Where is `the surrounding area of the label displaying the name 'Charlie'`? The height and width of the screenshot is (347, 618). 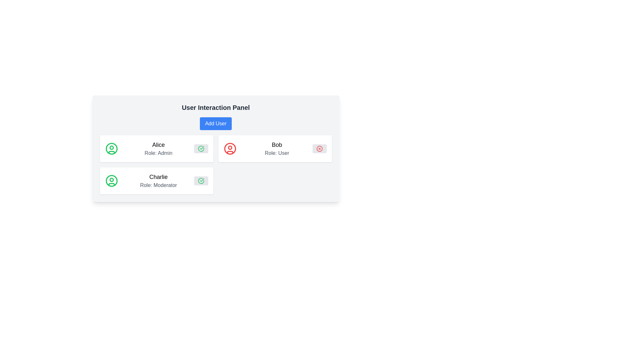
the surrounding area of the label displaying the name 'Charlie' is located at coordinates (158, 177).